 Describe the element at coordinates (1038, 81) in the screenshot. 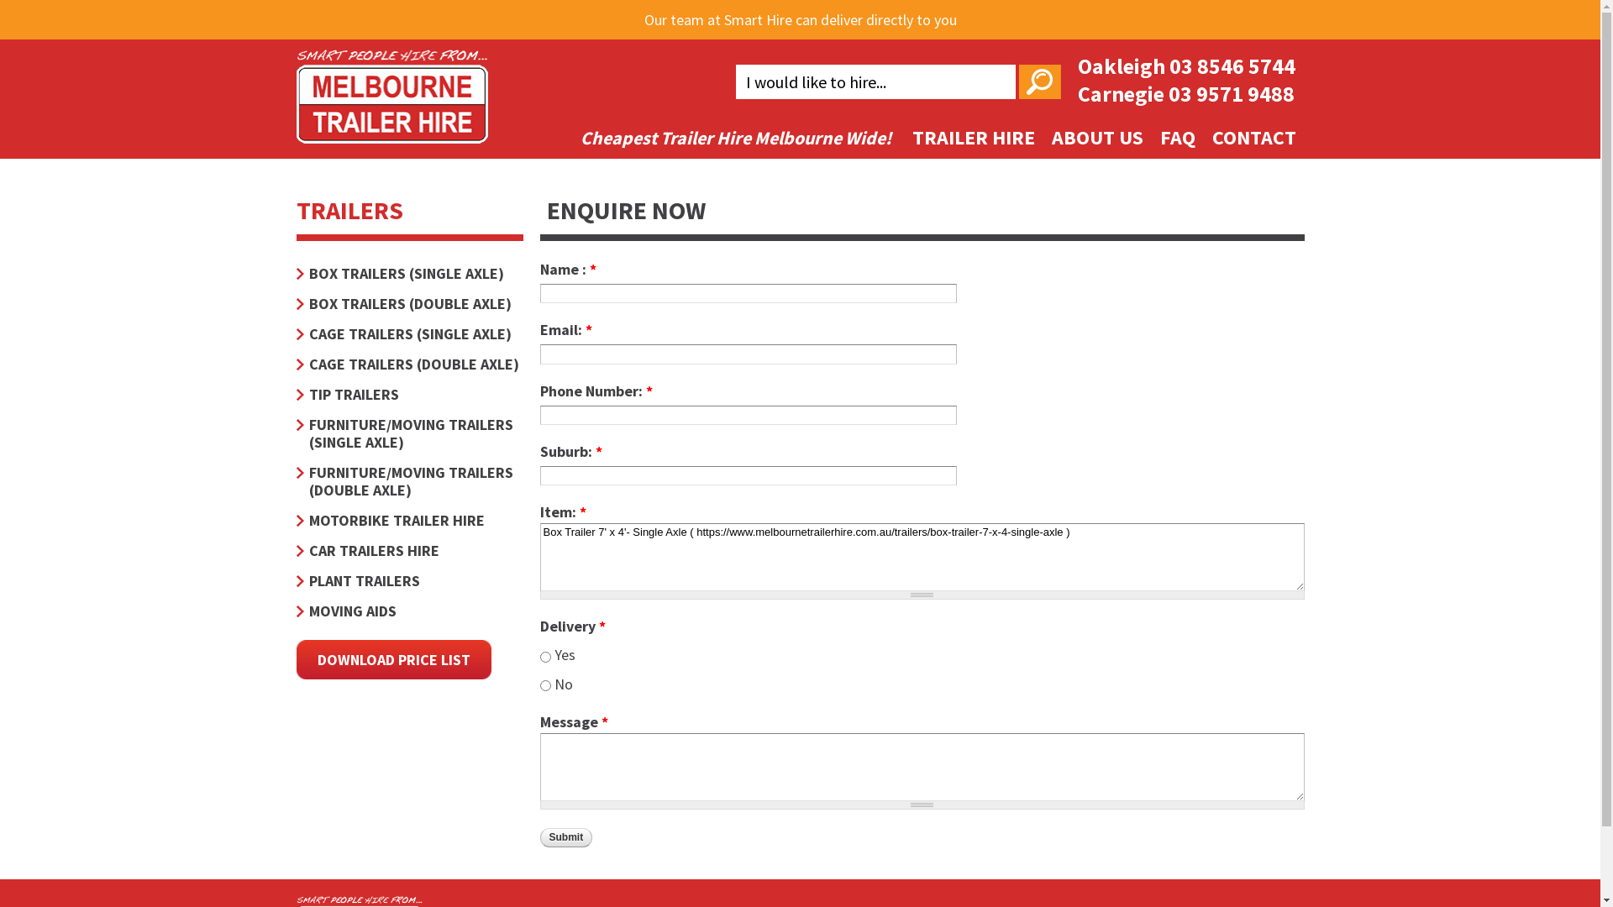

I see `'Search'` at that location.